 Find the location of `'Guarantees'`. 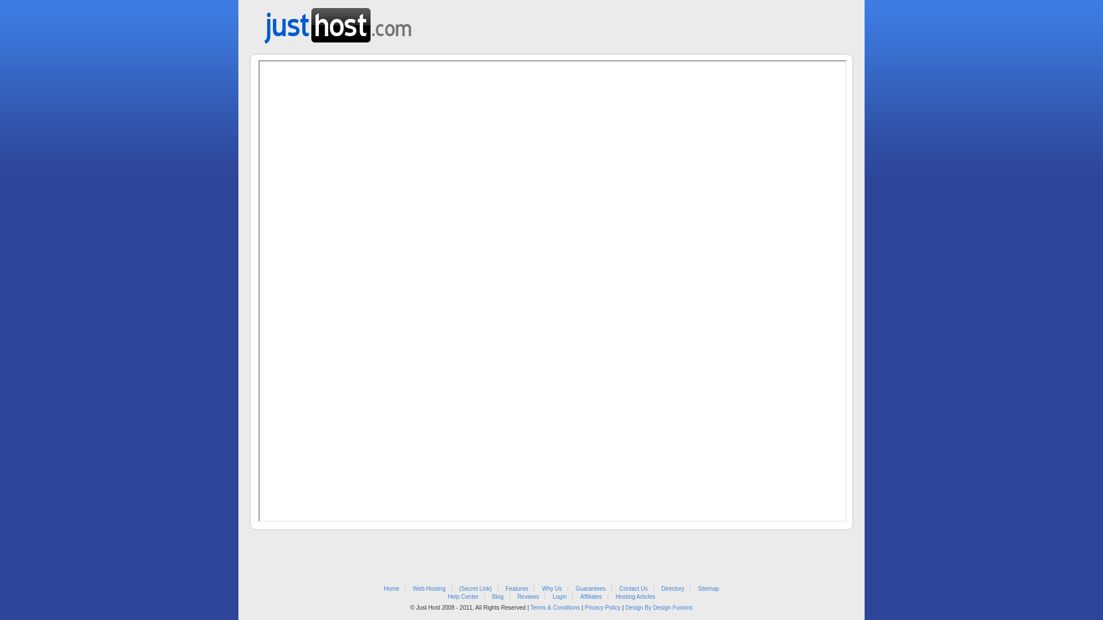

'Guarantees' is located at coordinates (576, 588).